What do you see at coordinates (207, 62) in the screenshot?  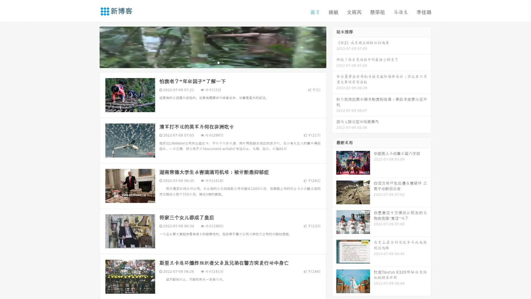 I see `Go to slide 1` at bounding box center [207, 62].